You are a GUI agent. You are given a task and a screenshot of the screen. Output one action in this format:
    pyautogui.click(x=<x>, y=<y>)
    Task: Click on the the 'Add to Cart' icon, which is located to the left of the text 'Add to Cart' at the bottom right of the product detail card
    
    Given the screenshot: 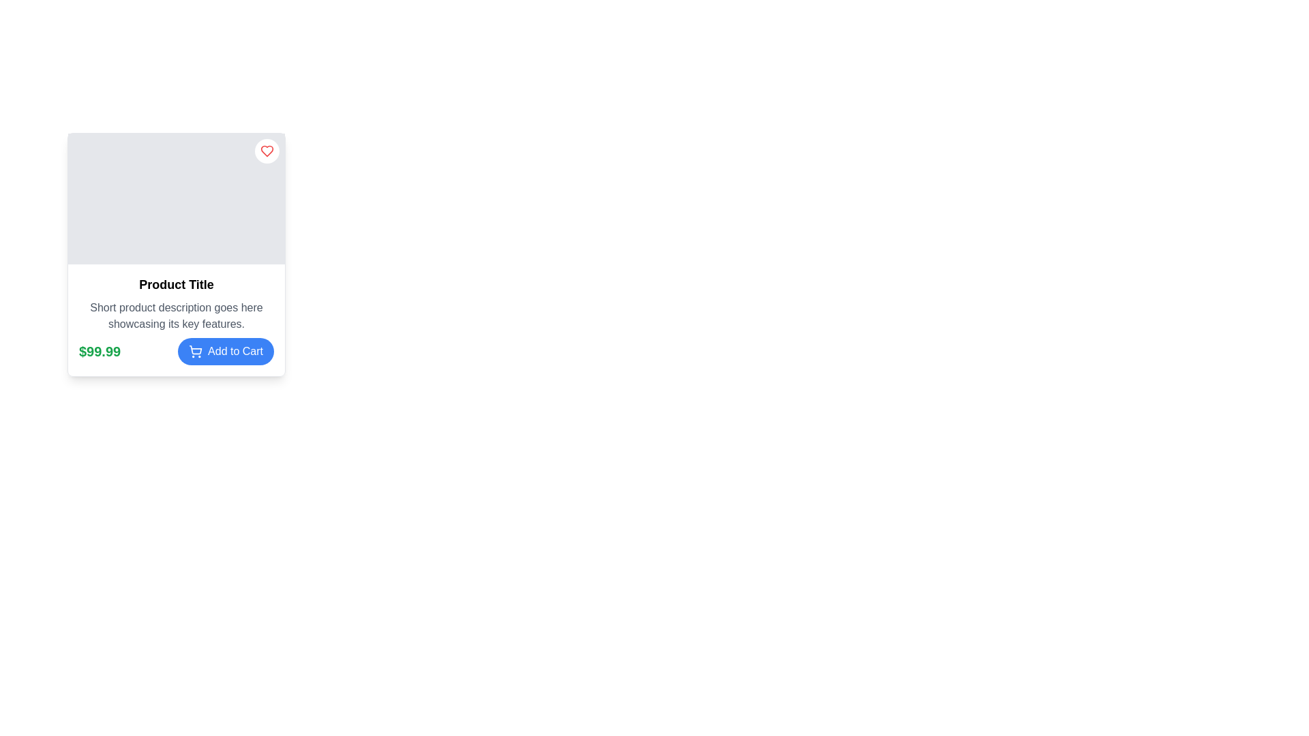 What is the action you would take?
    pyautogui.click(x=195, y=351)
    